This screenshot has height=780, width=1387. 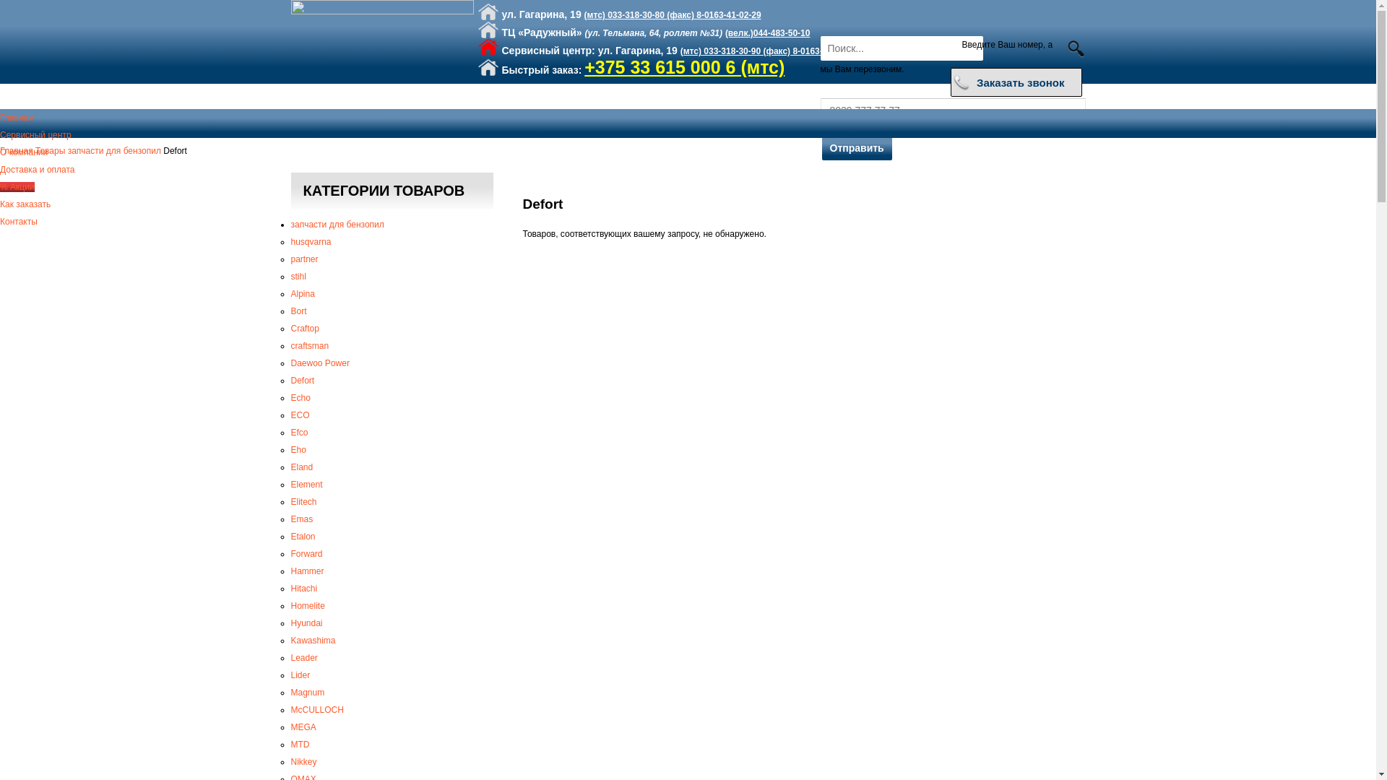 What do you see at coordinates (311, 640) in the screenshot?
I see `'Kawashima'` at bounding box center [311, 640].